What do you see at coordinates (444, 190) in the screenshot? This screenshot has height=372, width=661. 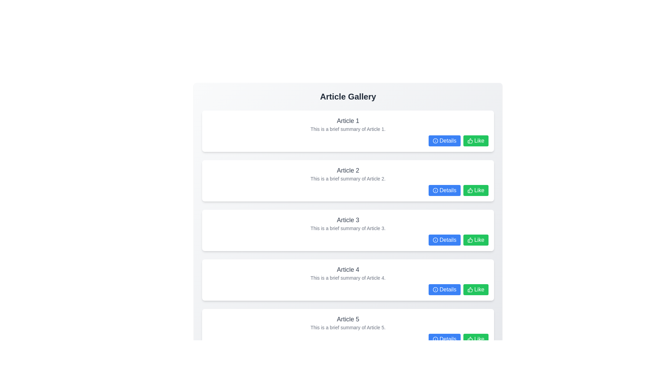 I see `the 'Details' button with a rounded blue background and white text` at bounding box center [444, 190].